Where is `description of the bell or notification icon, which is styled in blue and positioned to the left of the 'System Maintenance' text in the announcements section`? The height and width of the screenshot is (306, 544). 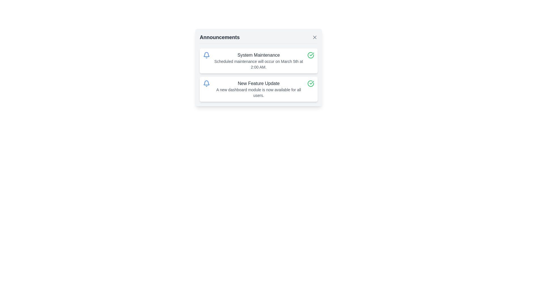 description of the bell or notification icon, which is styled in blue and positioned to the left of the 'System Maintenance' text in the announcements section is located at coordinates (206, 83).